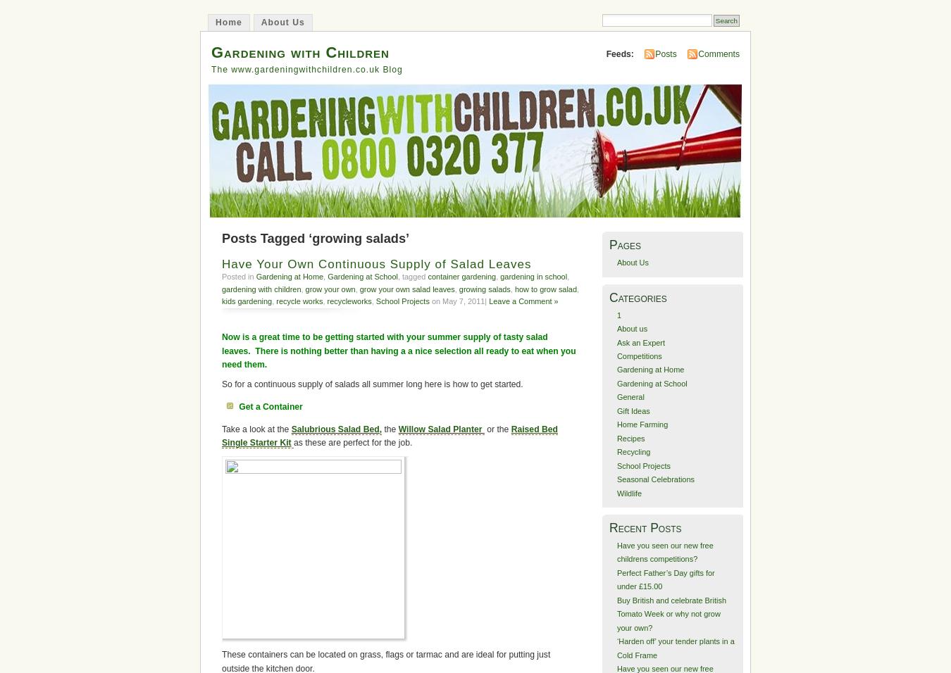  Describe the element at coordinates (247, 301) in the screenshot. I see `'kids gardening'` at that location.